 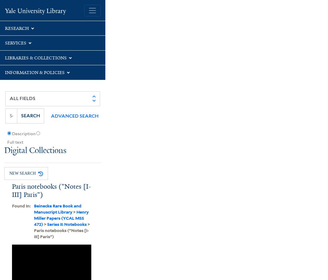 I want to click on '> Paris notebooks ("Notes [I-III] Paris")', so click(x=61, y=230).